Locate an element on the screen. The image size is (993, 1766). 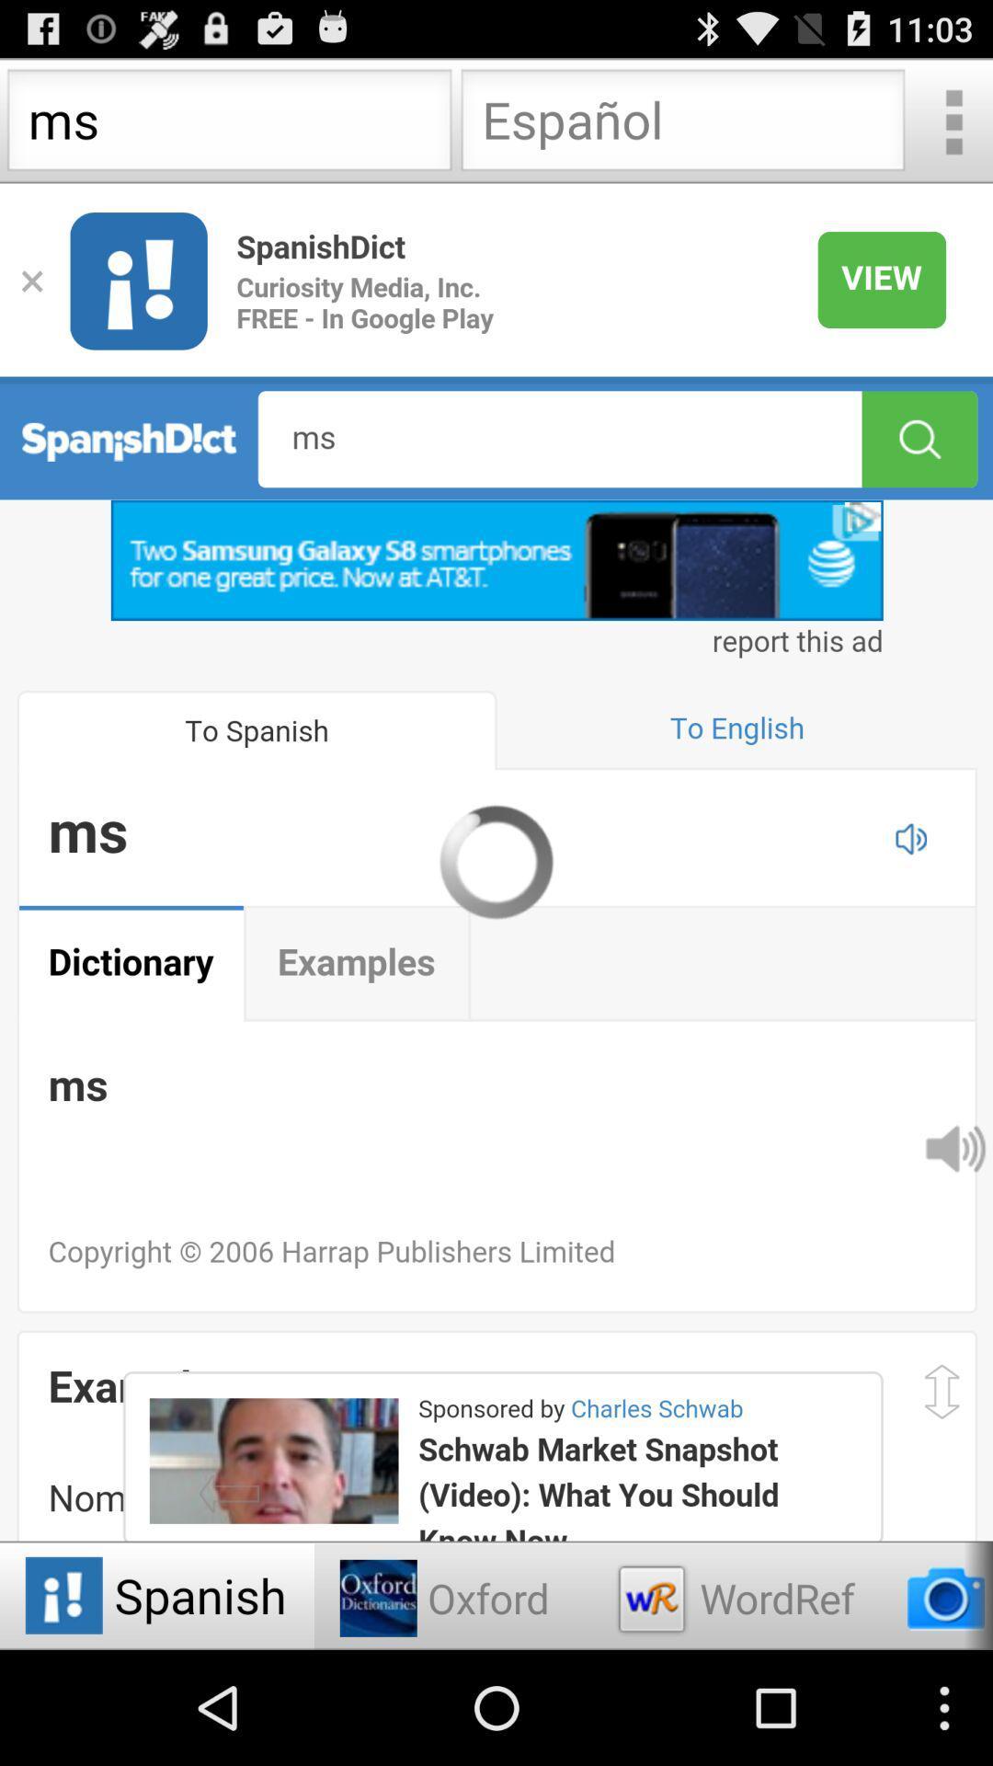
the volume icon is located at coordinates (953, 1228).